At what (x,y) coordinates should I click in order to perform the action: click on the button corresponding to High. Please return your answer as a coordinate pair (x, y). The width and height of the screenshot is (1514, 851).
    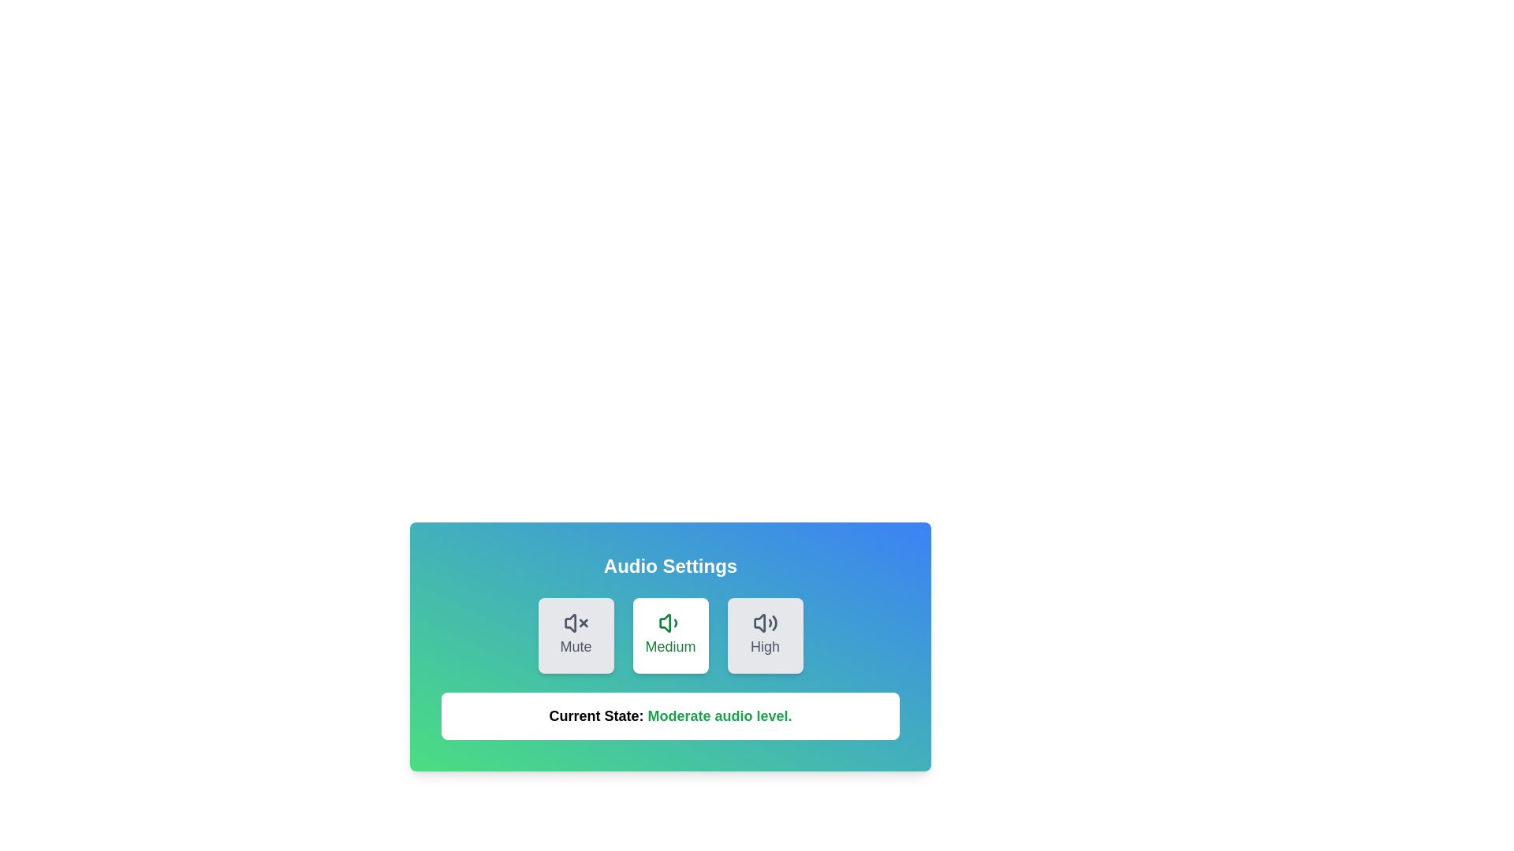
    Looking at the image, I should click on (765, 634).